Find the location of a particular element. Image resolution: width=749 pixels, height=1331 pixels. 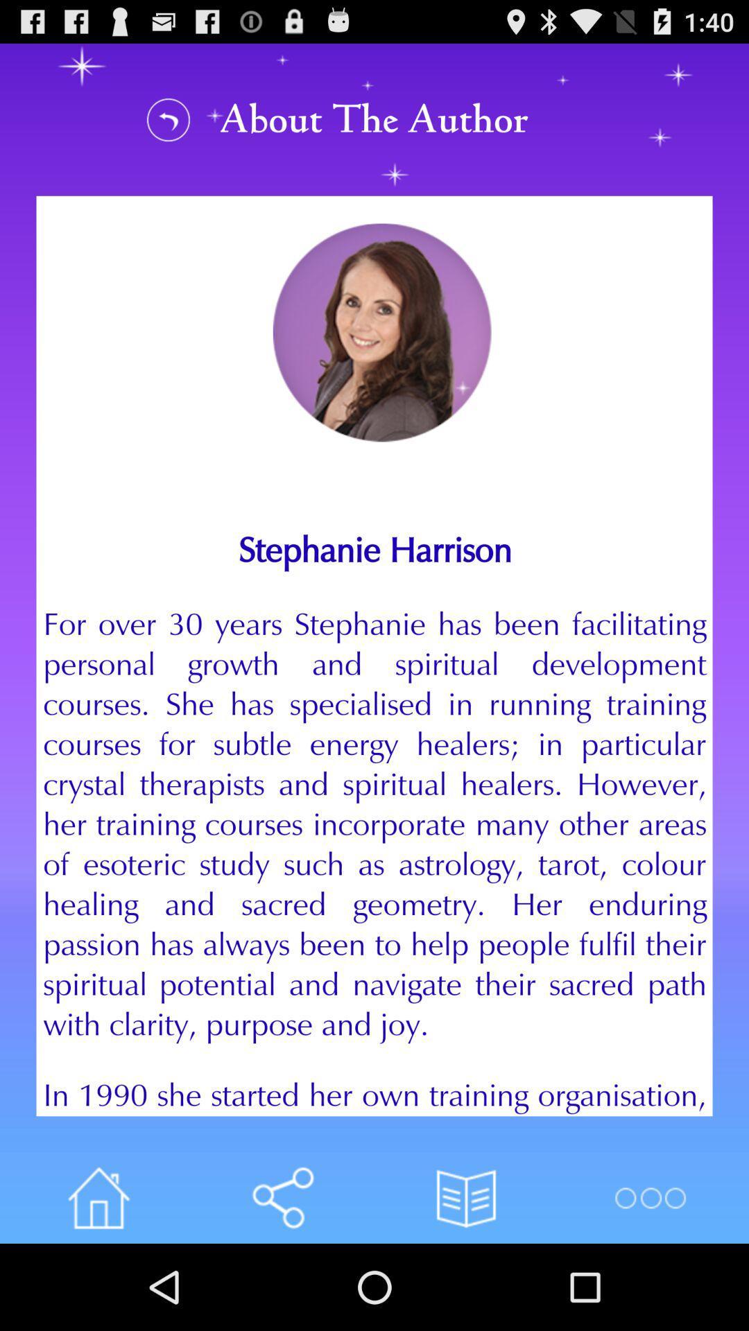

go home page is located at coordinates (98, 1197).